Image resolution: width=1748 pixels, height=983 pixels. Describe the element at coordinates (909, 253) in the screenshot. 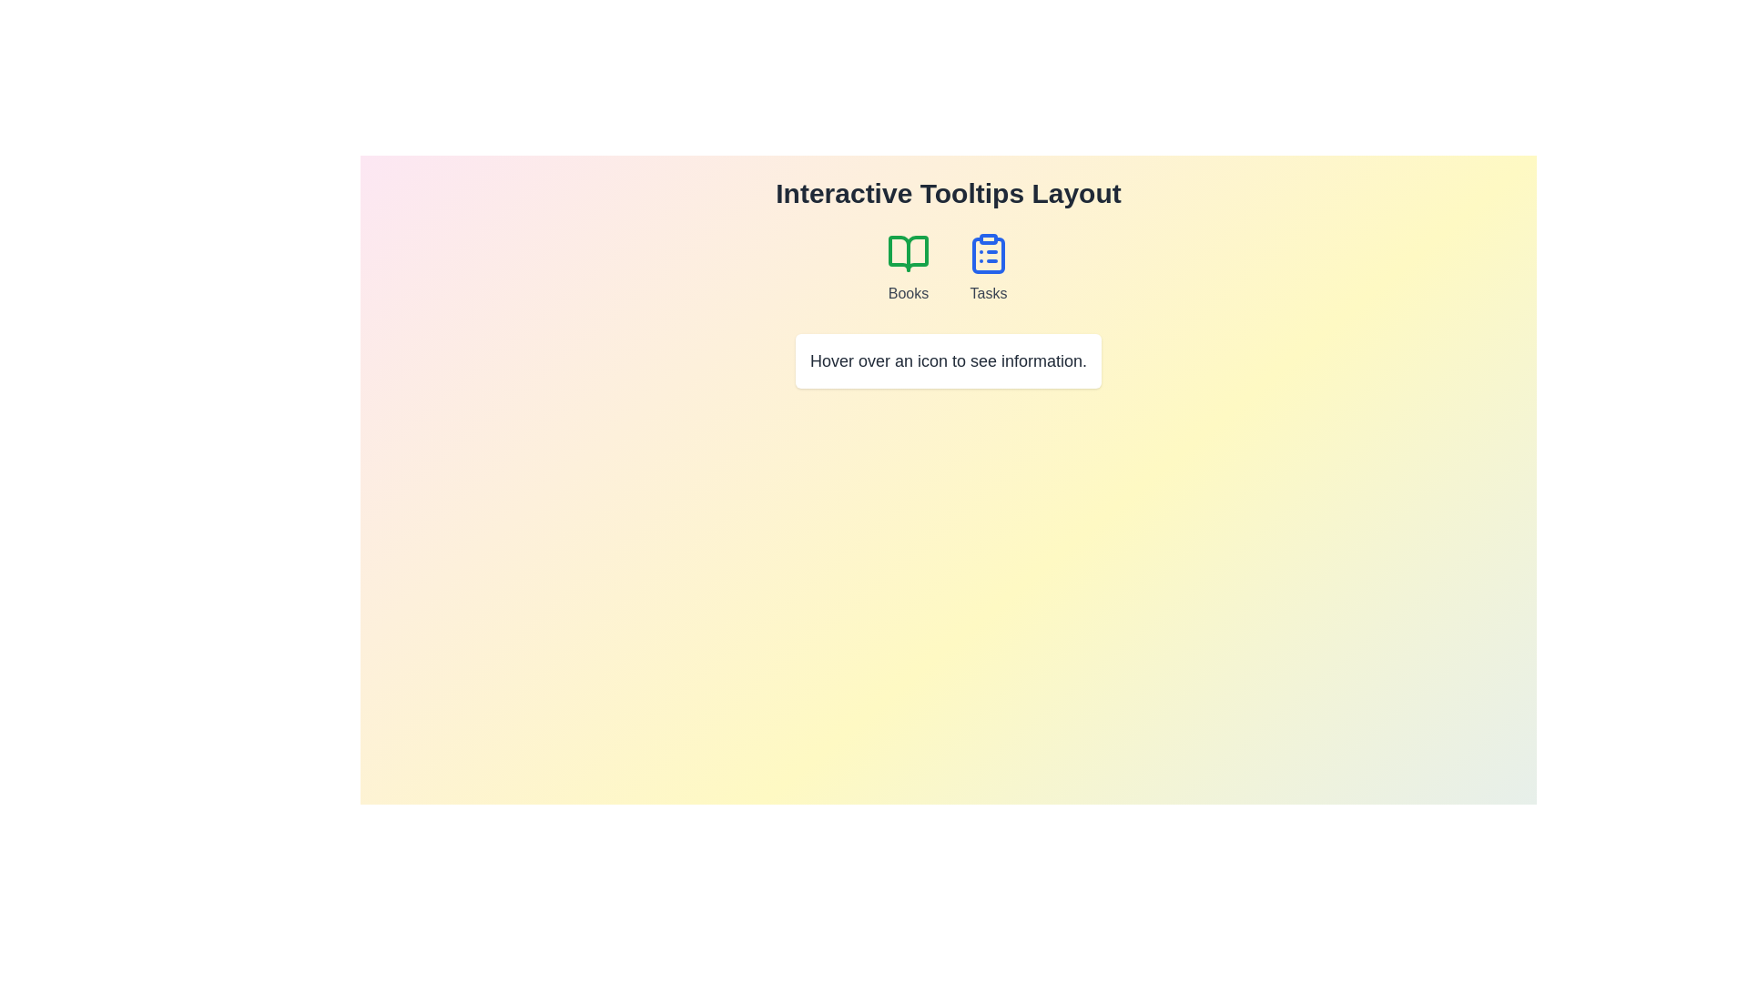

I see `the 'Books' icon located under the title 'Interactive Tooltips Layout'` at that location.